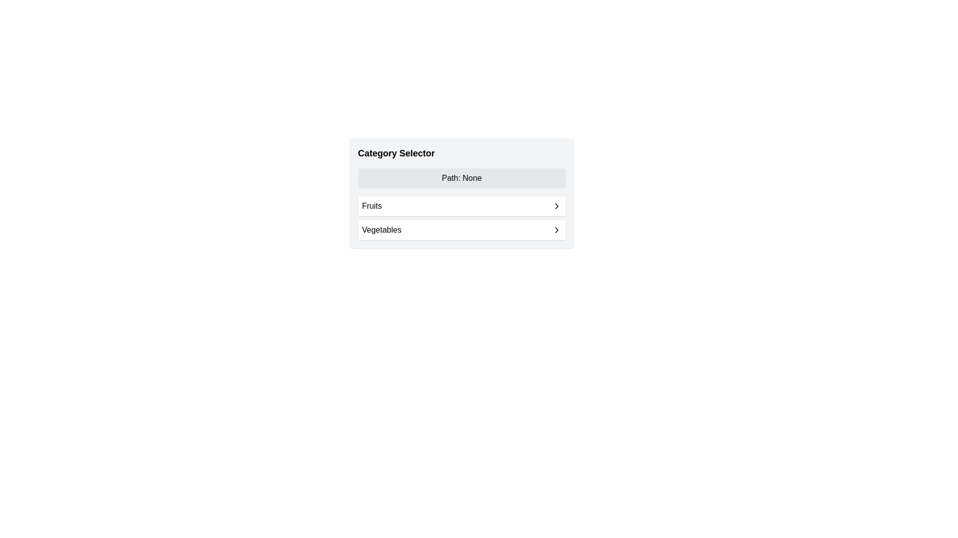 This screenshot has height=538, width=958. What do you see at coordinates (381, 230) in the screenshot?
I see `the 'Vegetables' label, which is a text block styled with a plain black font located in the lower selection block of the category selector interface, immediately below the 'Fruits' selection item` at bounding box center [381, 230].